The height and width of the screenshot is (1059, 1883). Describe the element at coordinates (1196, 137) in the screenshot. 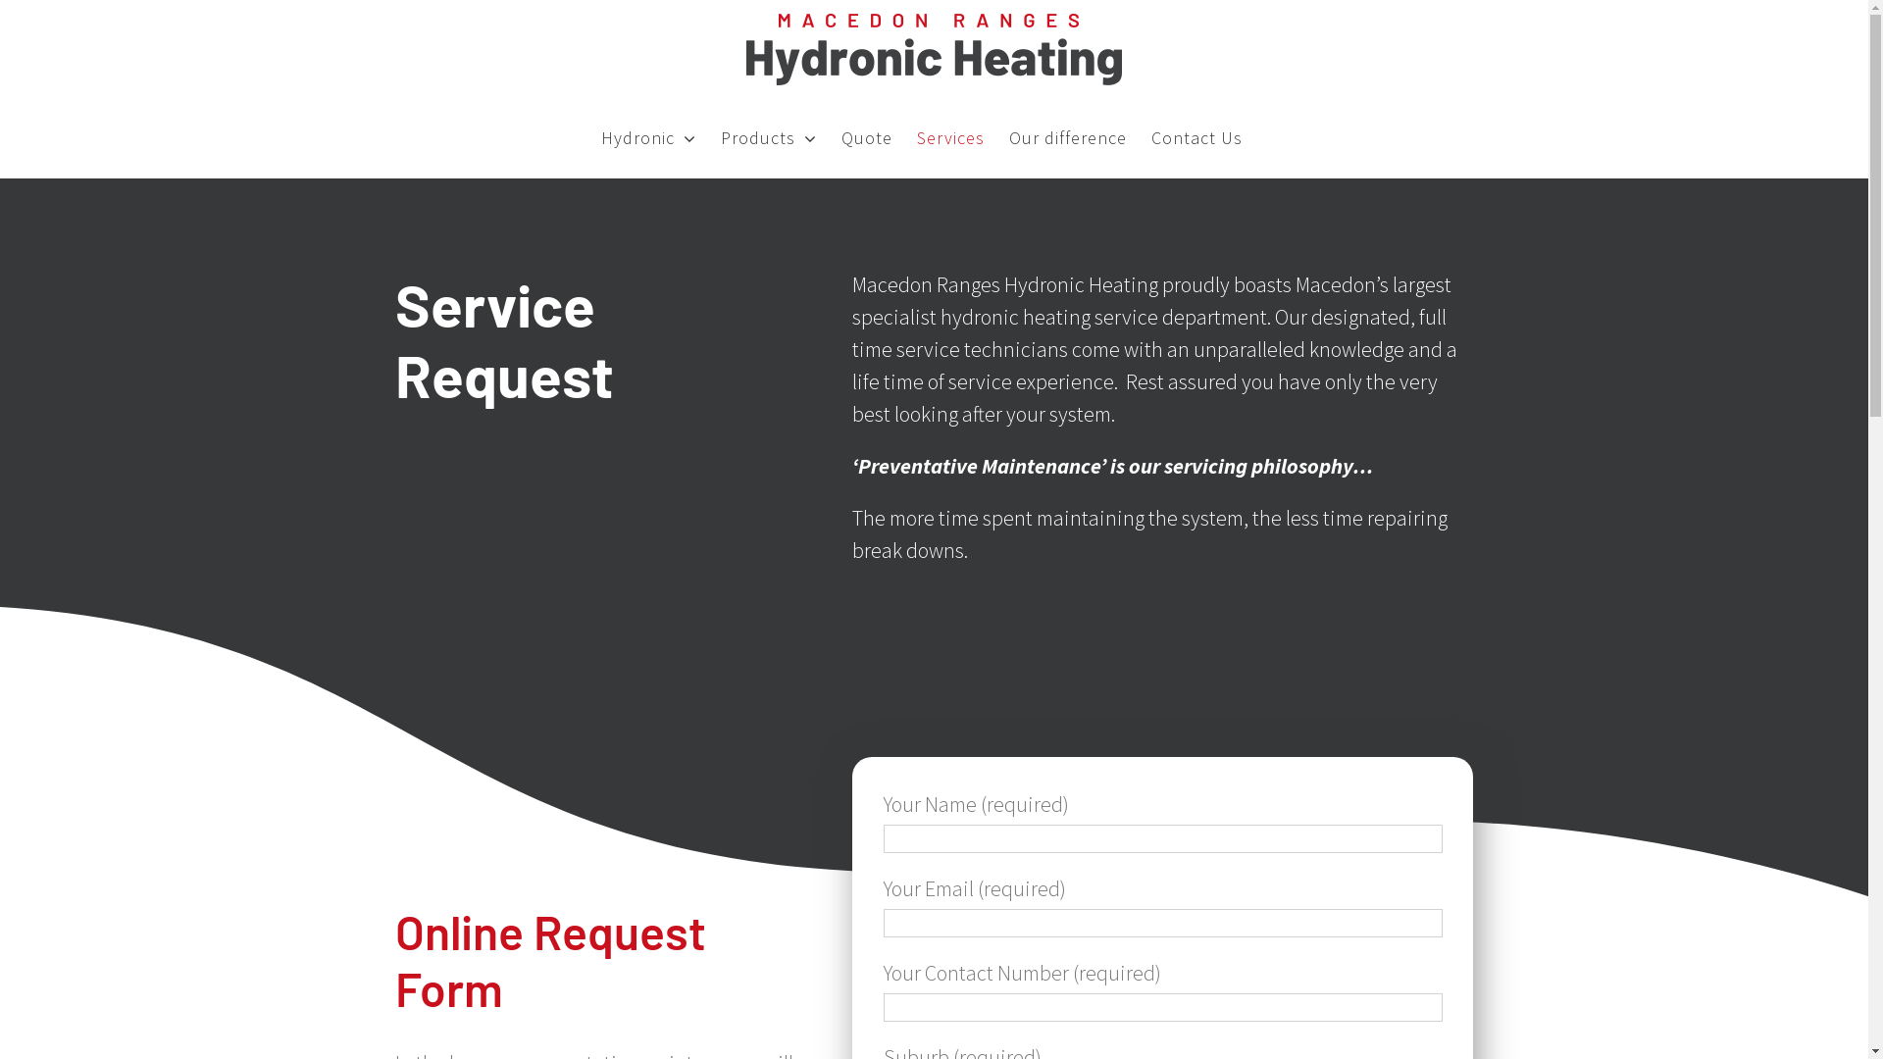

I see `'Contact Us'` at that location.